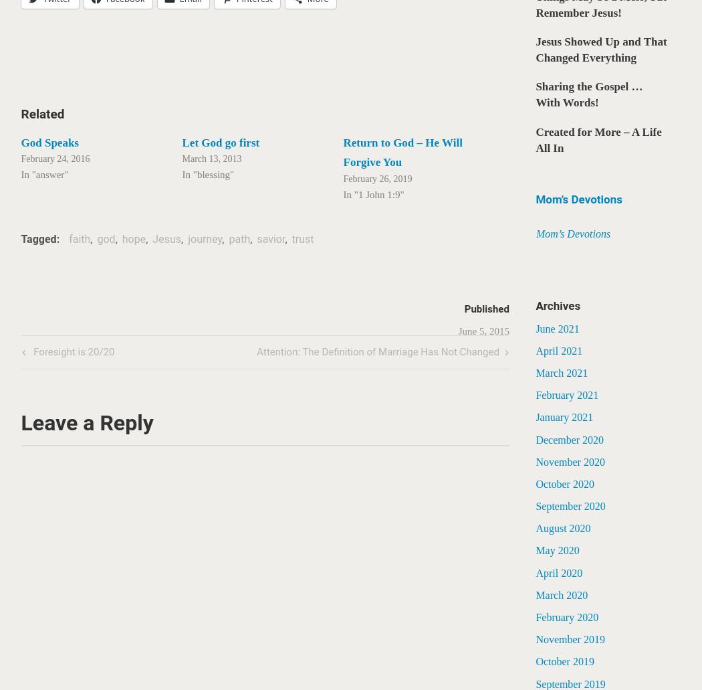  Describe the element at coordinates (535, 439) in the screenshot. I see `'December 2020'` at that location.